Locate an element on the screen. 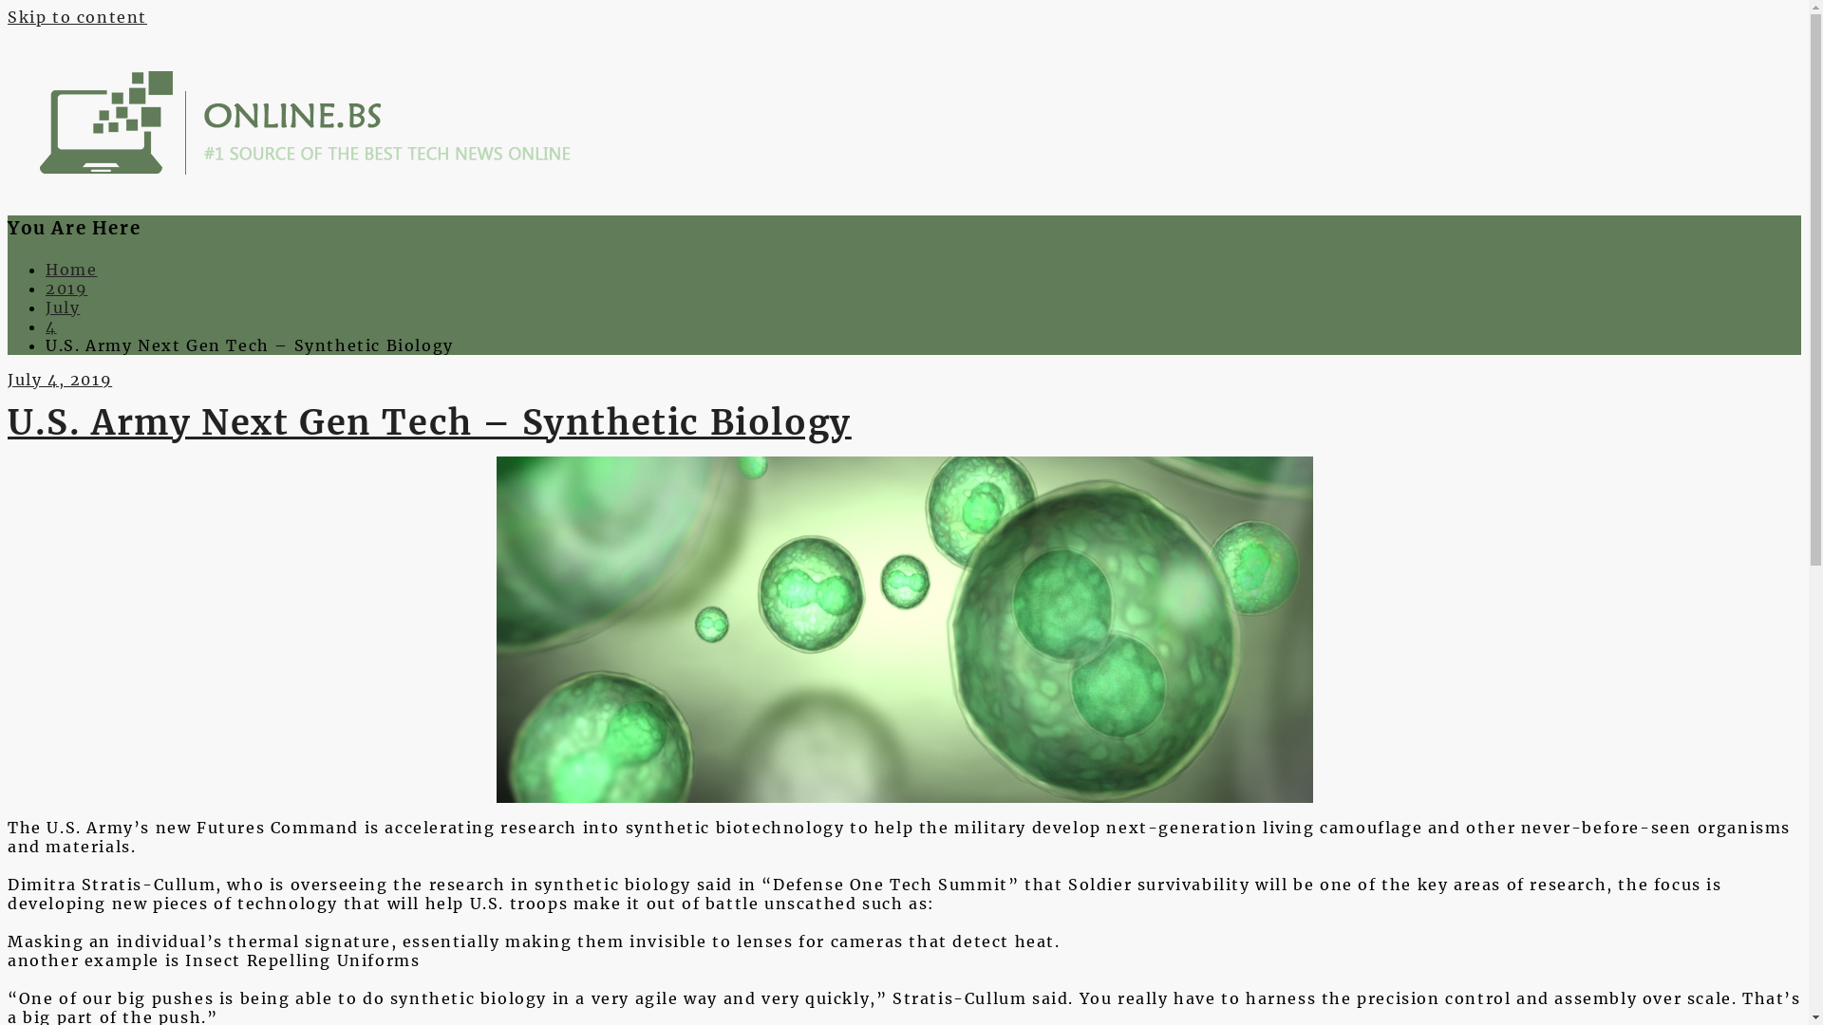  'Home' is located at coordinates (71, 270).